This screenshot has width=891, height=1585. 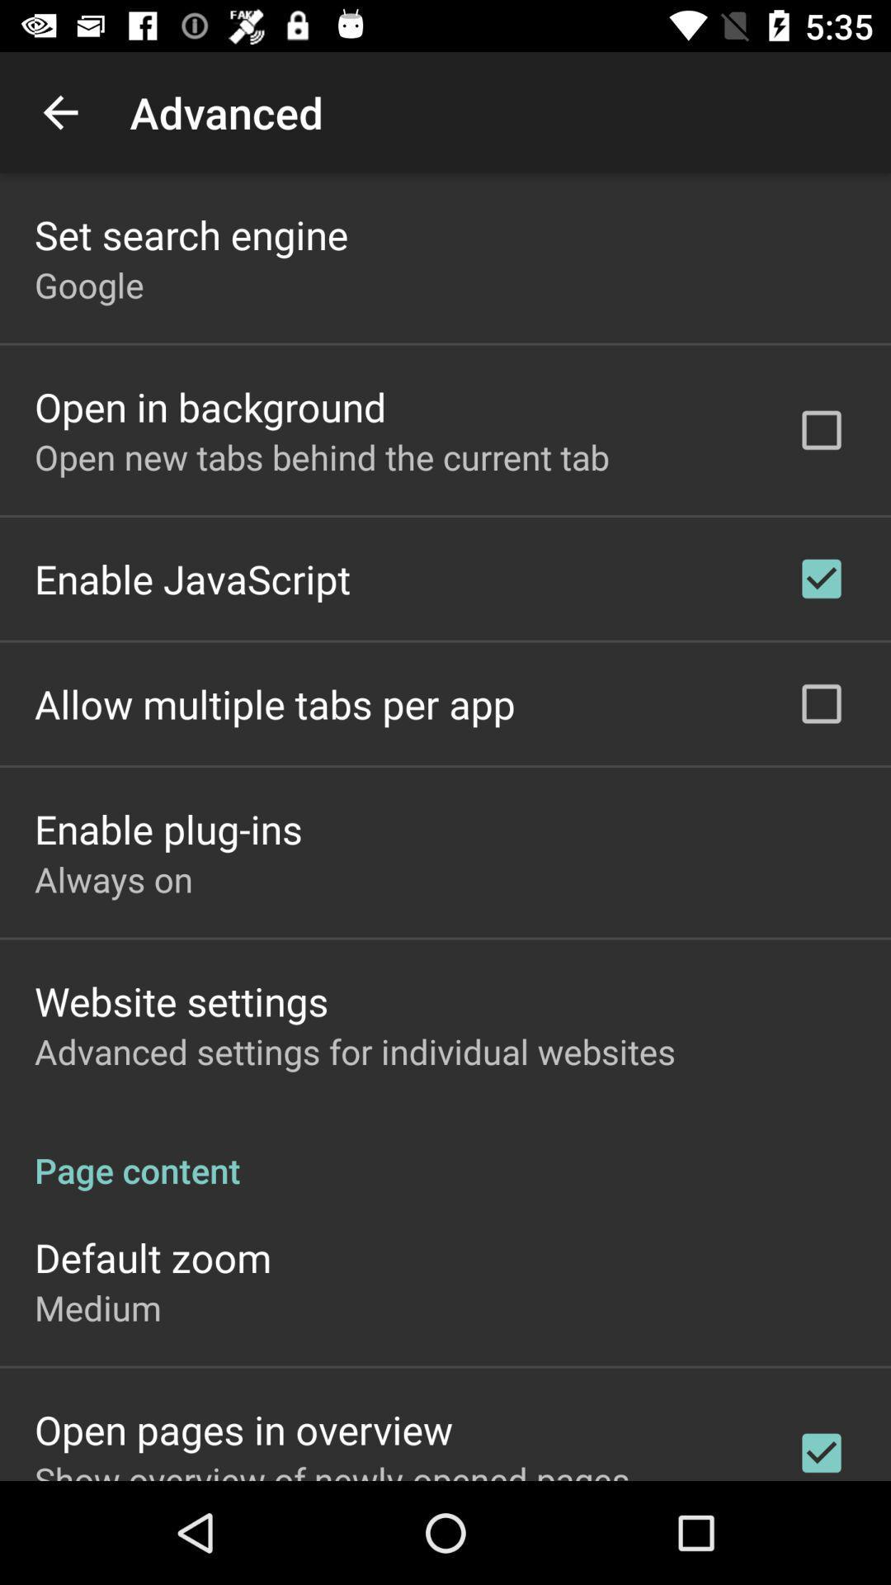 What do you see at coordinates (59, 111) in the screenshot?
I see `the icon next to the advanced app` at bounding box center [59, 111].